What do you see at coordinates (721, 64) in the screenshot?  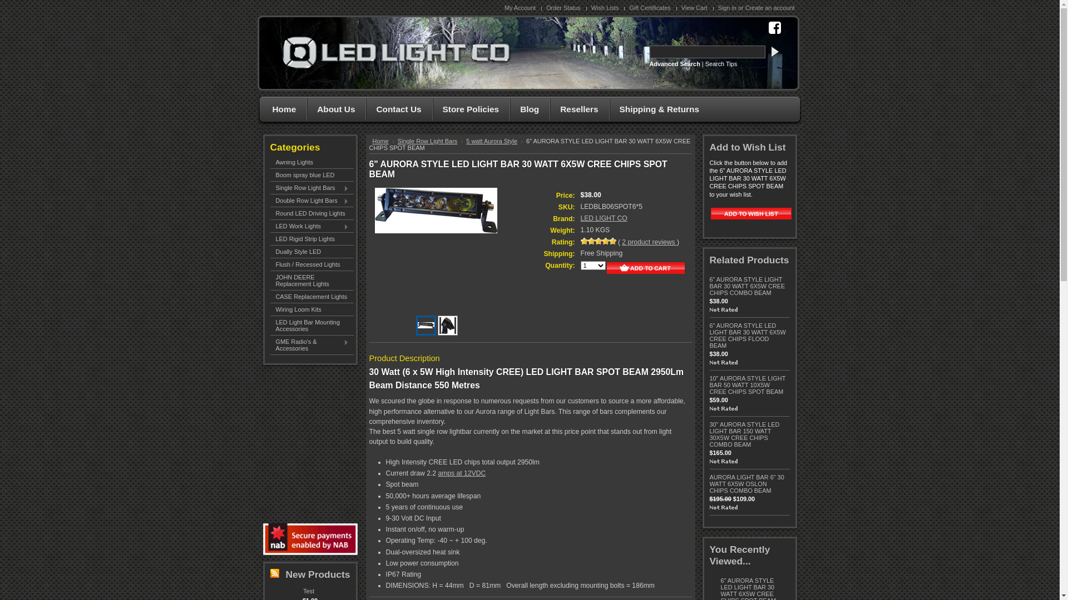 I see `'Search Tips'` at bounding box center [721, 64].